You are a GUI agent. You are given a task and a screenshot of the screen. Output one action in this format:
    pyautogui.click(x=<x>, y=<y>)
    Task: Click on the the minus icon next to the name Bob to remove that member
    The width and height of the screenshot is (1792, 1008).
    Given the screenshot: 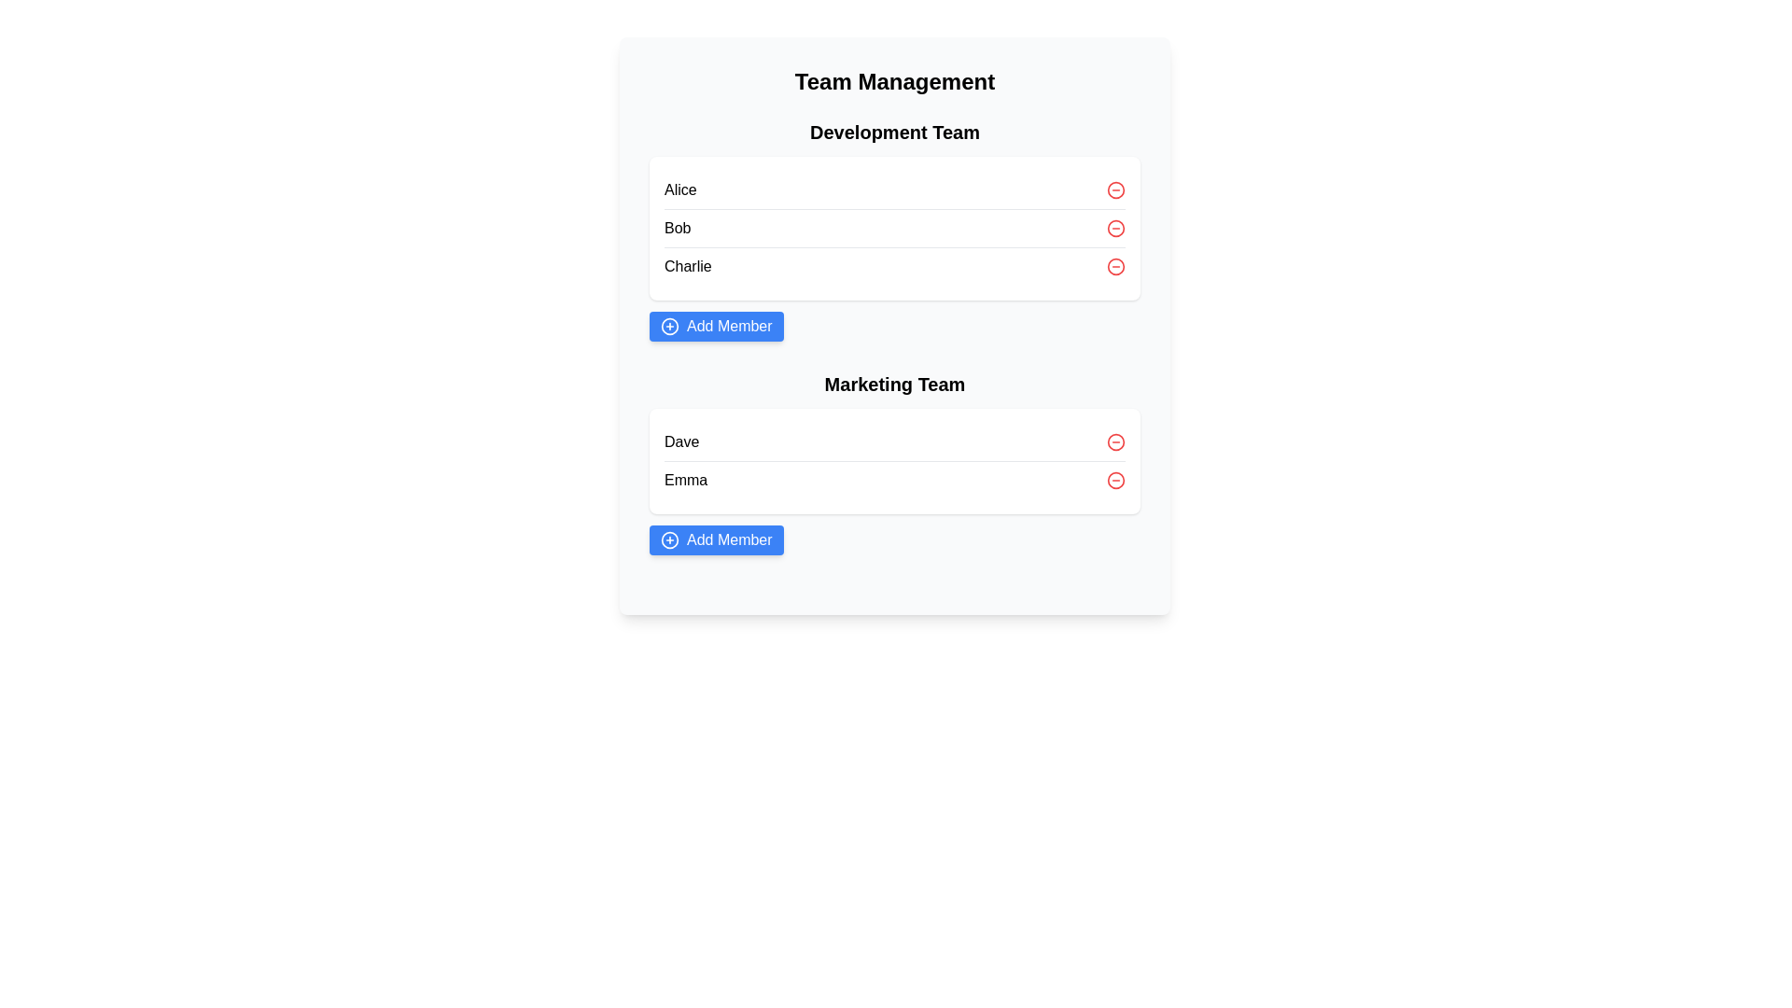 What is the action you would take?
    pyautogui.click(x=1115, y=228)
    